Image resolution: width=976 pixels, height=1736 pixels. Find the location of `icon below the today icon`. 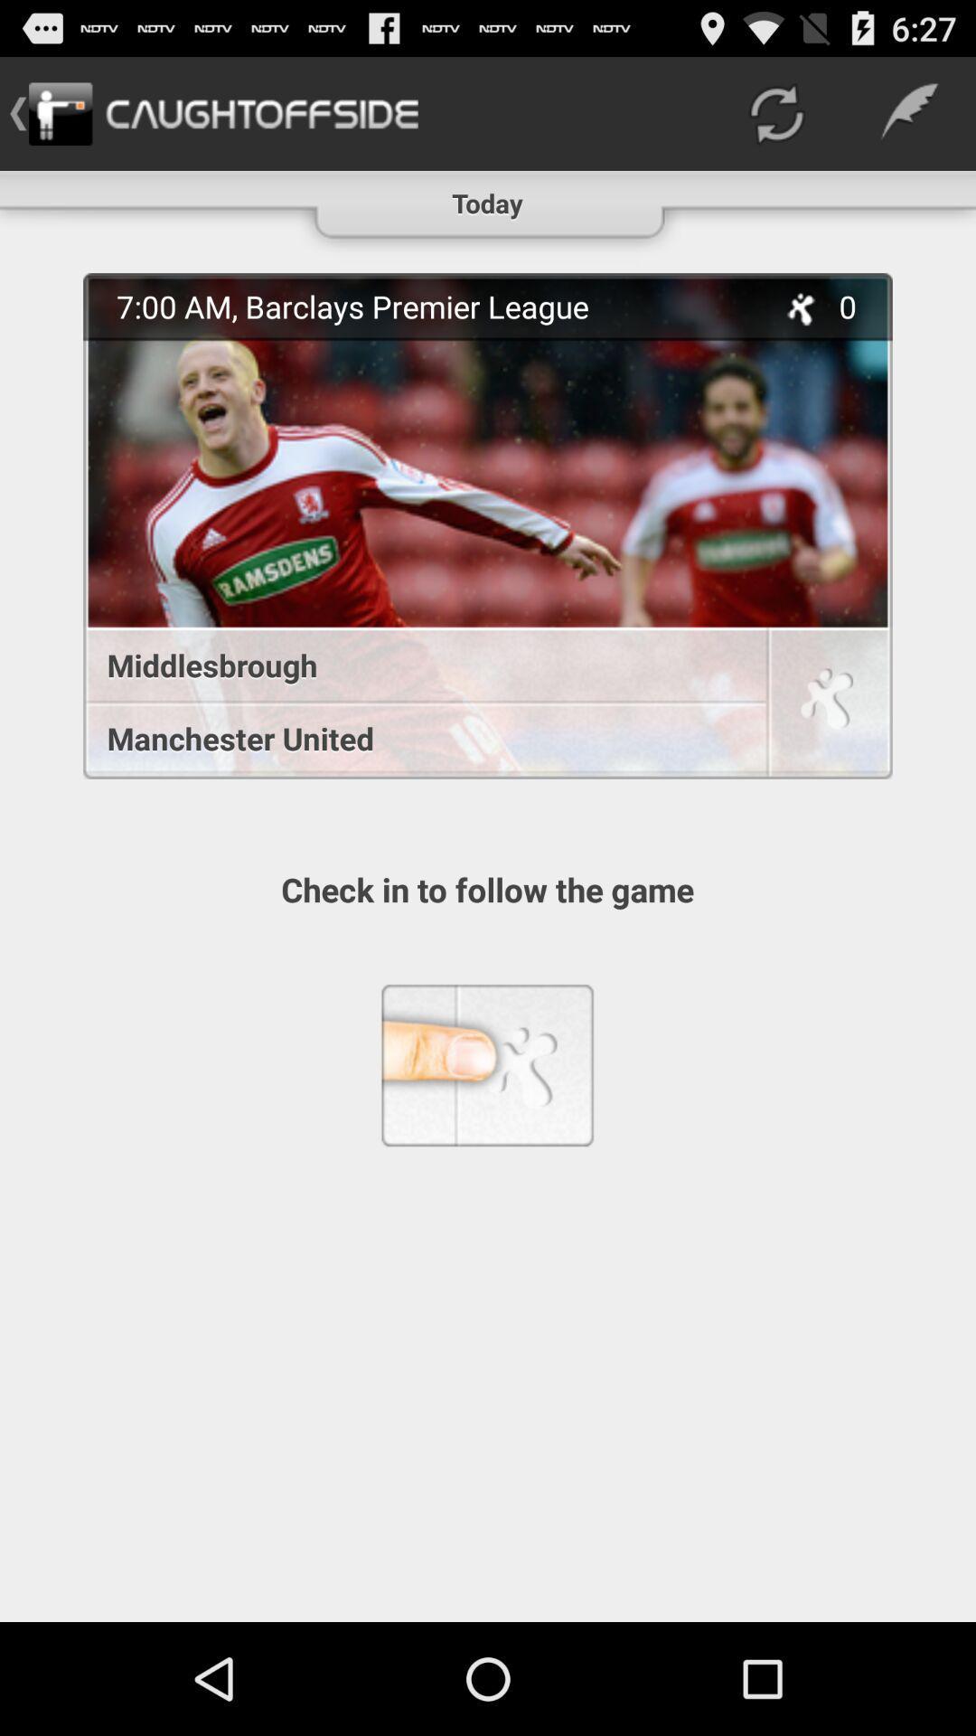

icon below the today icon is located at coordinates (488, 524).